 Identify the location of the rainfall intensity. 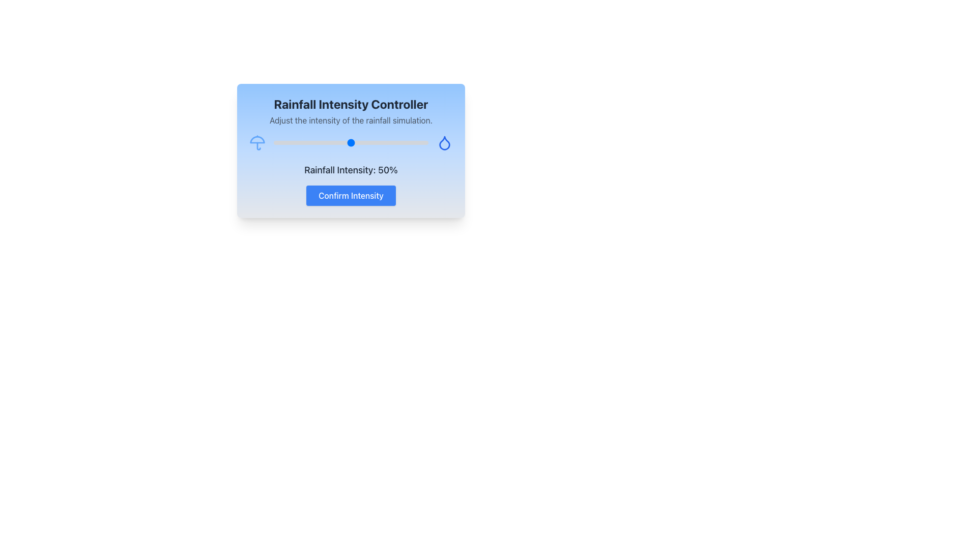
(419, 143).